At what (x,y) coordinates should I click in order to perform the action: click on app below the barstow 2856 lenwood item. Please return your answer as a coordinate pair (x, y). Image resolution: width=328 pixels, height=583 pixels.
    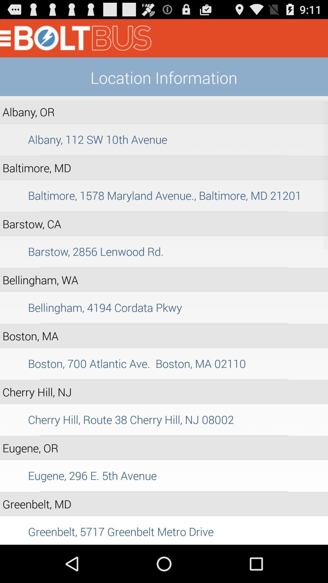
    Looking at the image, I should click on (164, 267).